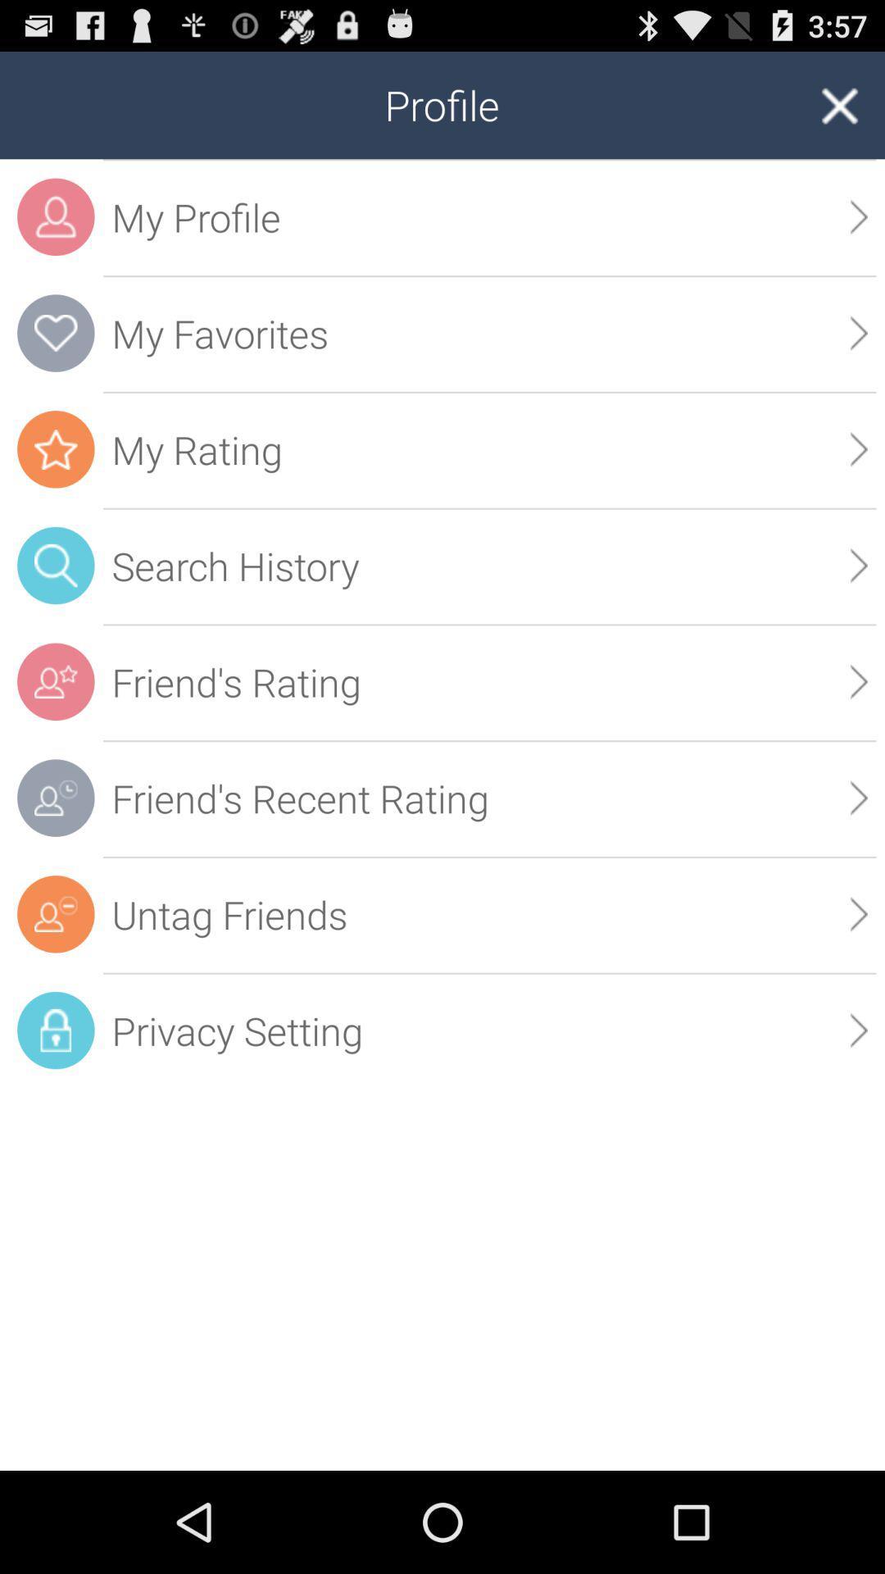 The width and height of the screenshot is (885, 1574). Describe the element at coordinates (55, 216) in the screenshot. I see `the icon which is just beside the my profile` at that location.